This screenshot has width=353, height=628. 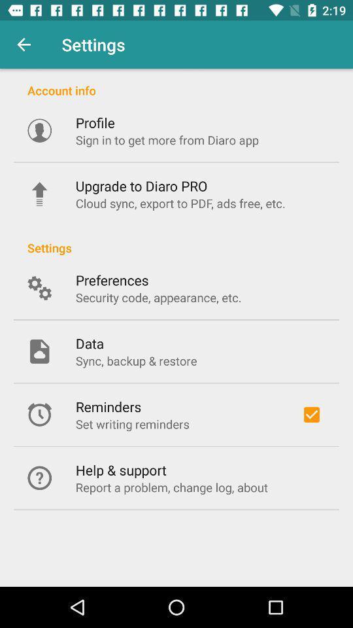 What do you see at coordinates (24, 44) in the screenshot?
I see `the icon above account info icon` at bounding box center [24, 44].